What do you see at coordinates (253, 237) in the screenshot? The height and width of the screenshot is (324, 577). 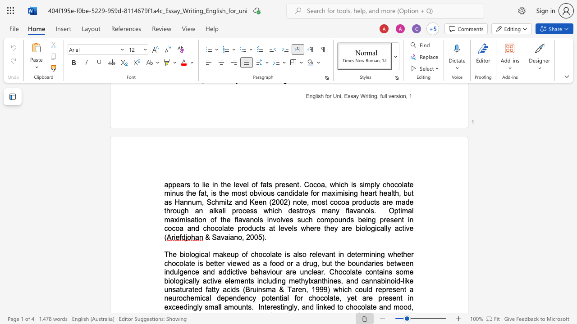 I see `the space between the continuous character "0" and "0" in the text` at bounding box center [253, 237].